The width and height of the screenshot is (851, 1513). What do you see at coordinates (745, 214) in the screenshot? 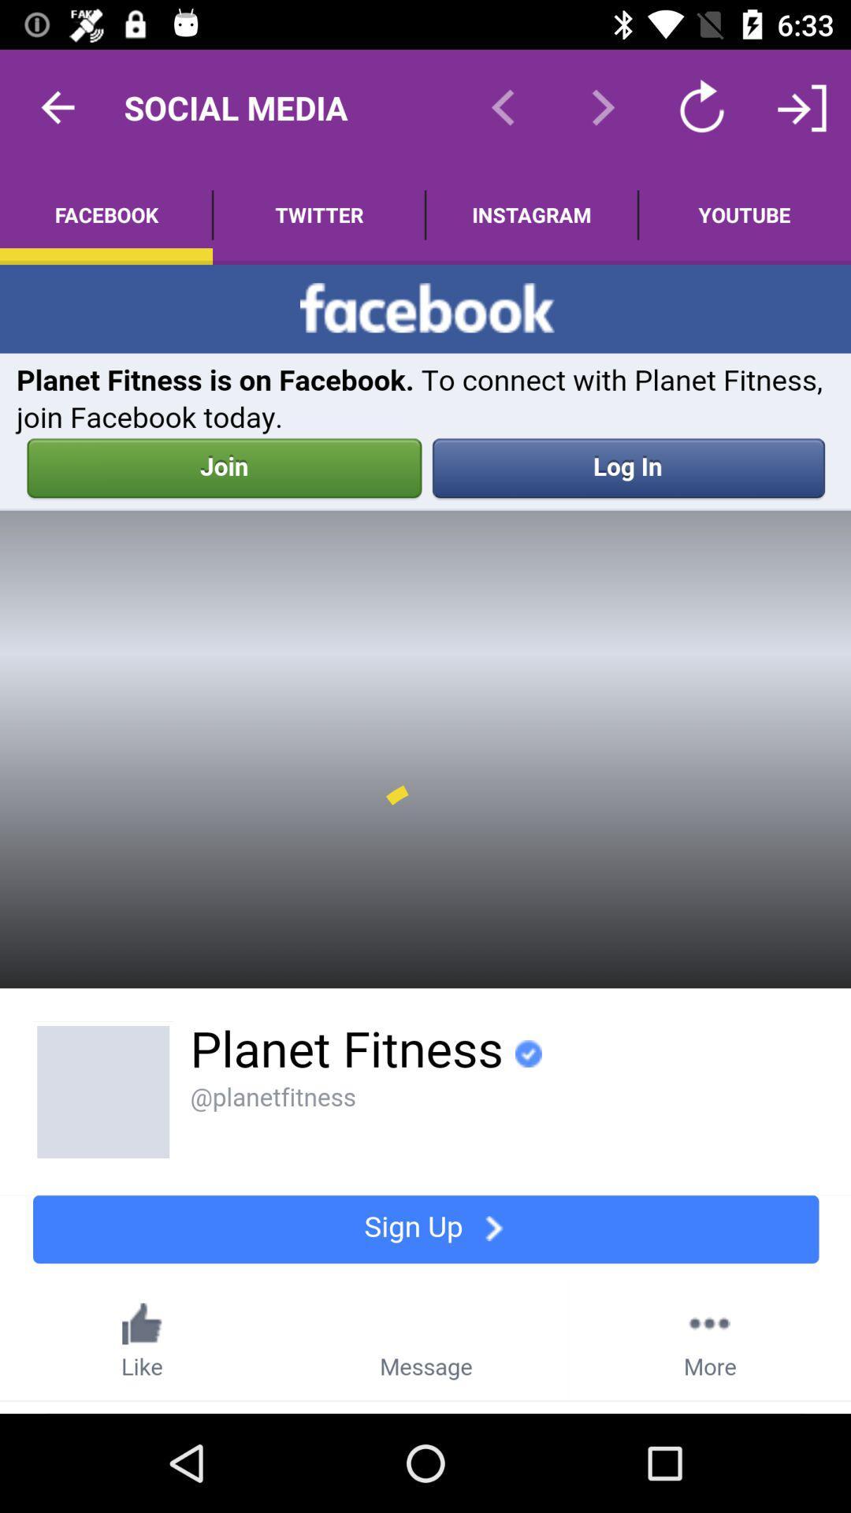
I see `the text which is right to the text instagram` at bounding box center [745, 214].